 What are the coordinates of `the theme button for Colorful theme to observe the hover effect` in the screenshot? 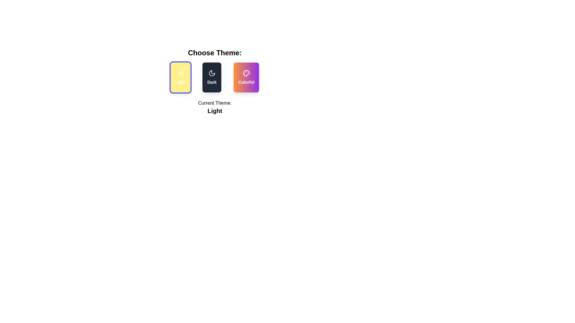 It's located at (246, 77).